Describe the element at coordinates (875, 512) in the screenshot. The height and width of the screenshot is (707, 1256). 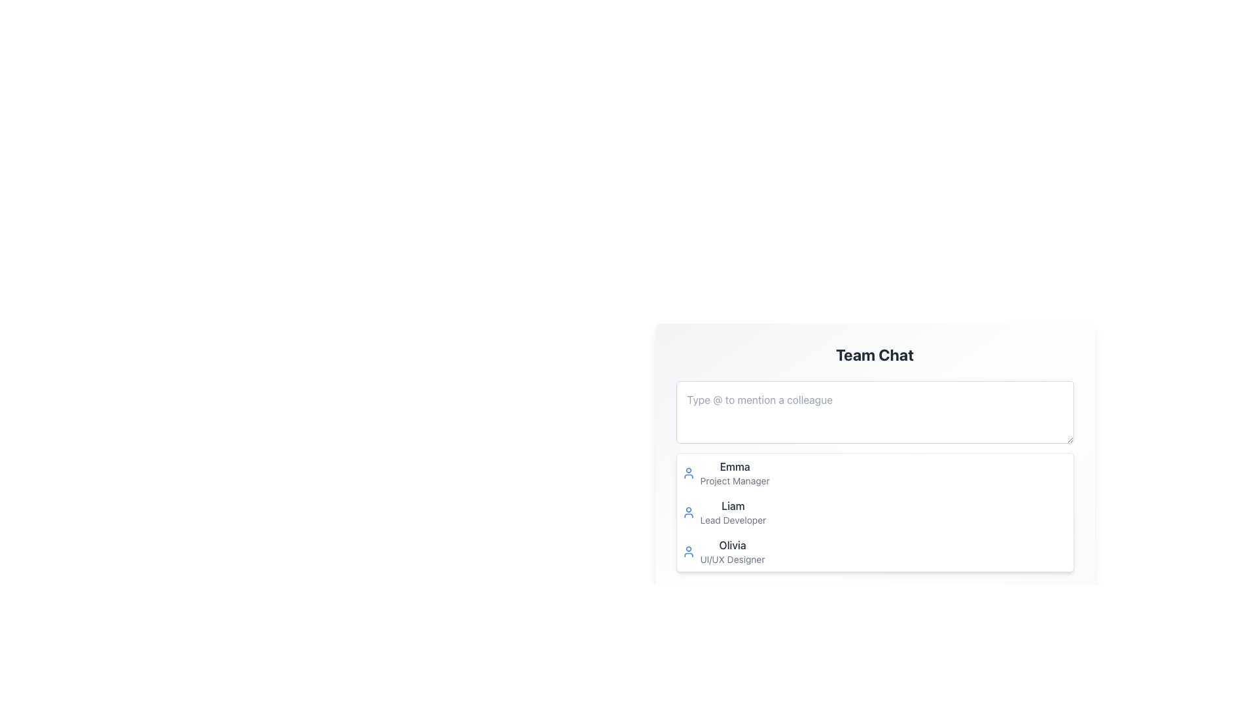
I see `the second item in the team member list, which is visually positioned between 'Emma: Project Manager' and 'Olivia: UI/UX Designer'` at that location.